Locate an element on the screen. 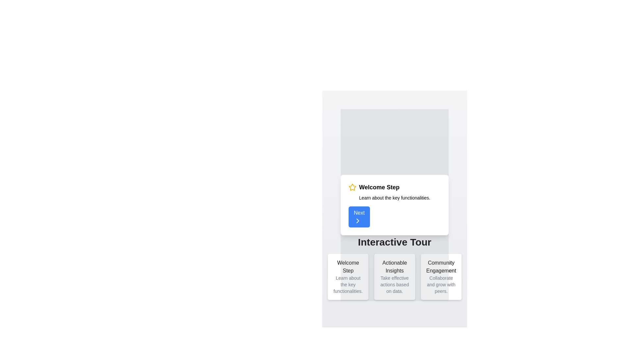  the chevron-right icon within the 'Next' button in the lower-left quadrant of the 'Welcome Step' card popup is located at coordinates (357, 221).